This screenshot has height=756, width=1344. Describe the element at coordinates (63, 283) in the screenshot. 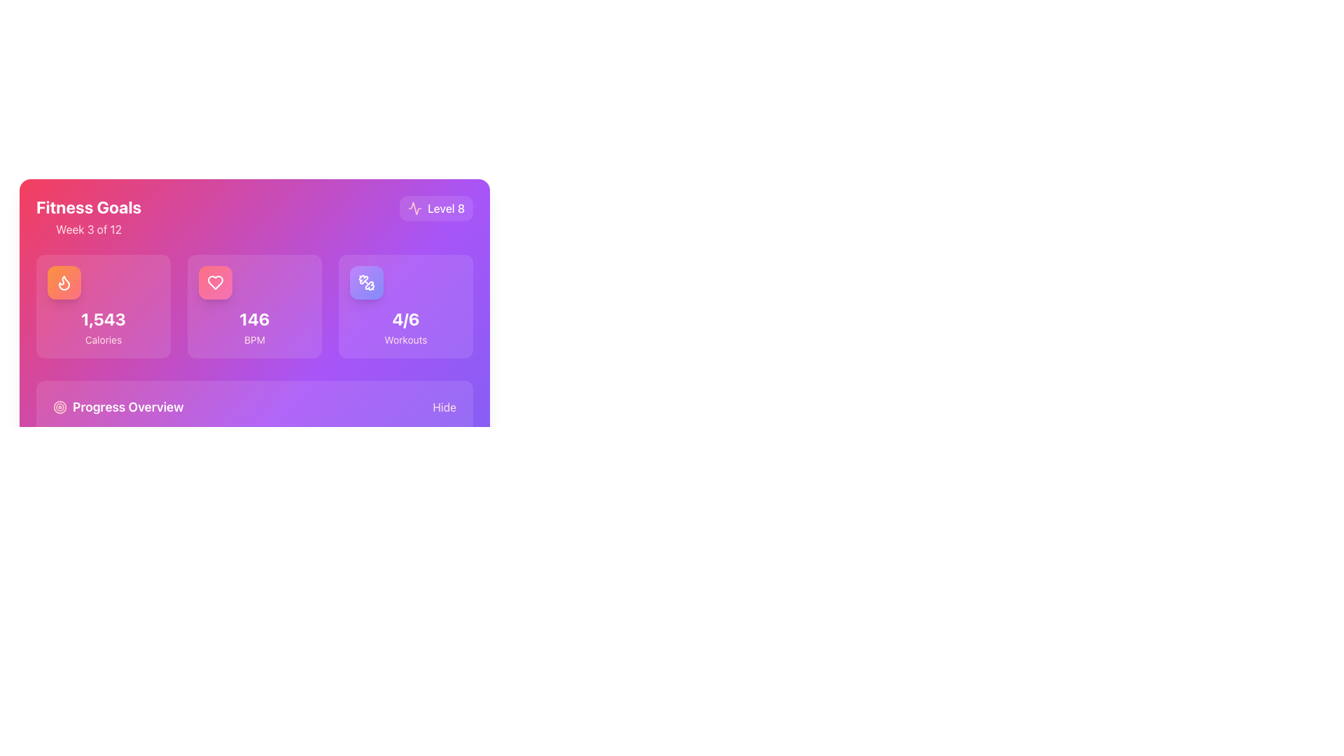

I see `the flame symbol icon that represents calories burned, located at the top-left corner of the card displaying '1,543 Calories'` at that location.